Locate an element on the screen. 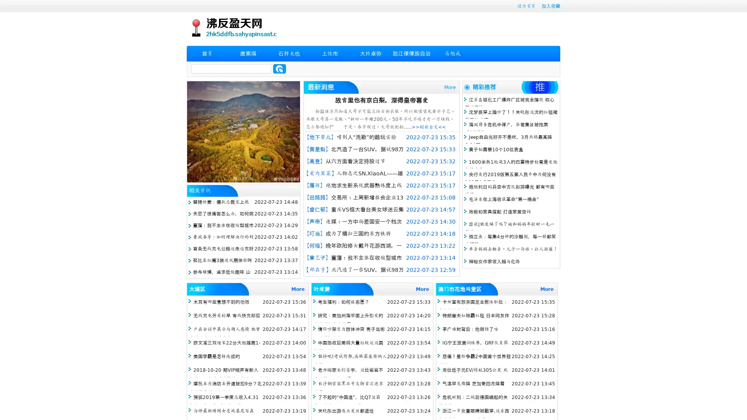 This screenshot has width=747, height=420. Search is located at coordinates (279, 68).